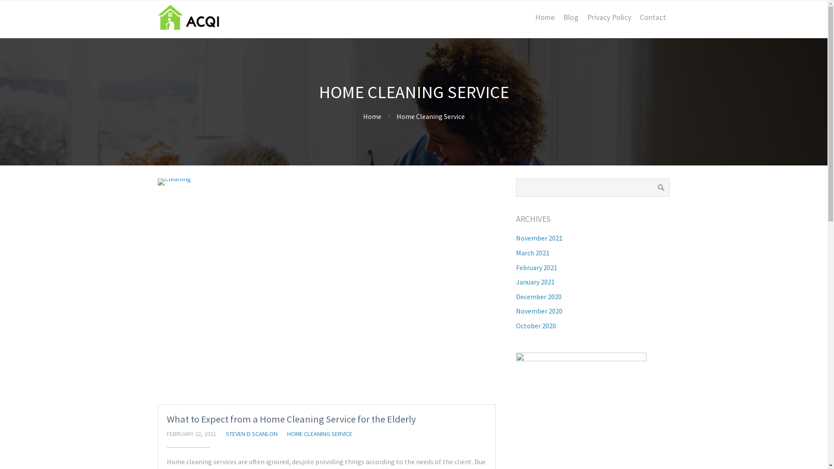  I want to click on 'HOME CLEANING SERVICE', so click(318, 434).